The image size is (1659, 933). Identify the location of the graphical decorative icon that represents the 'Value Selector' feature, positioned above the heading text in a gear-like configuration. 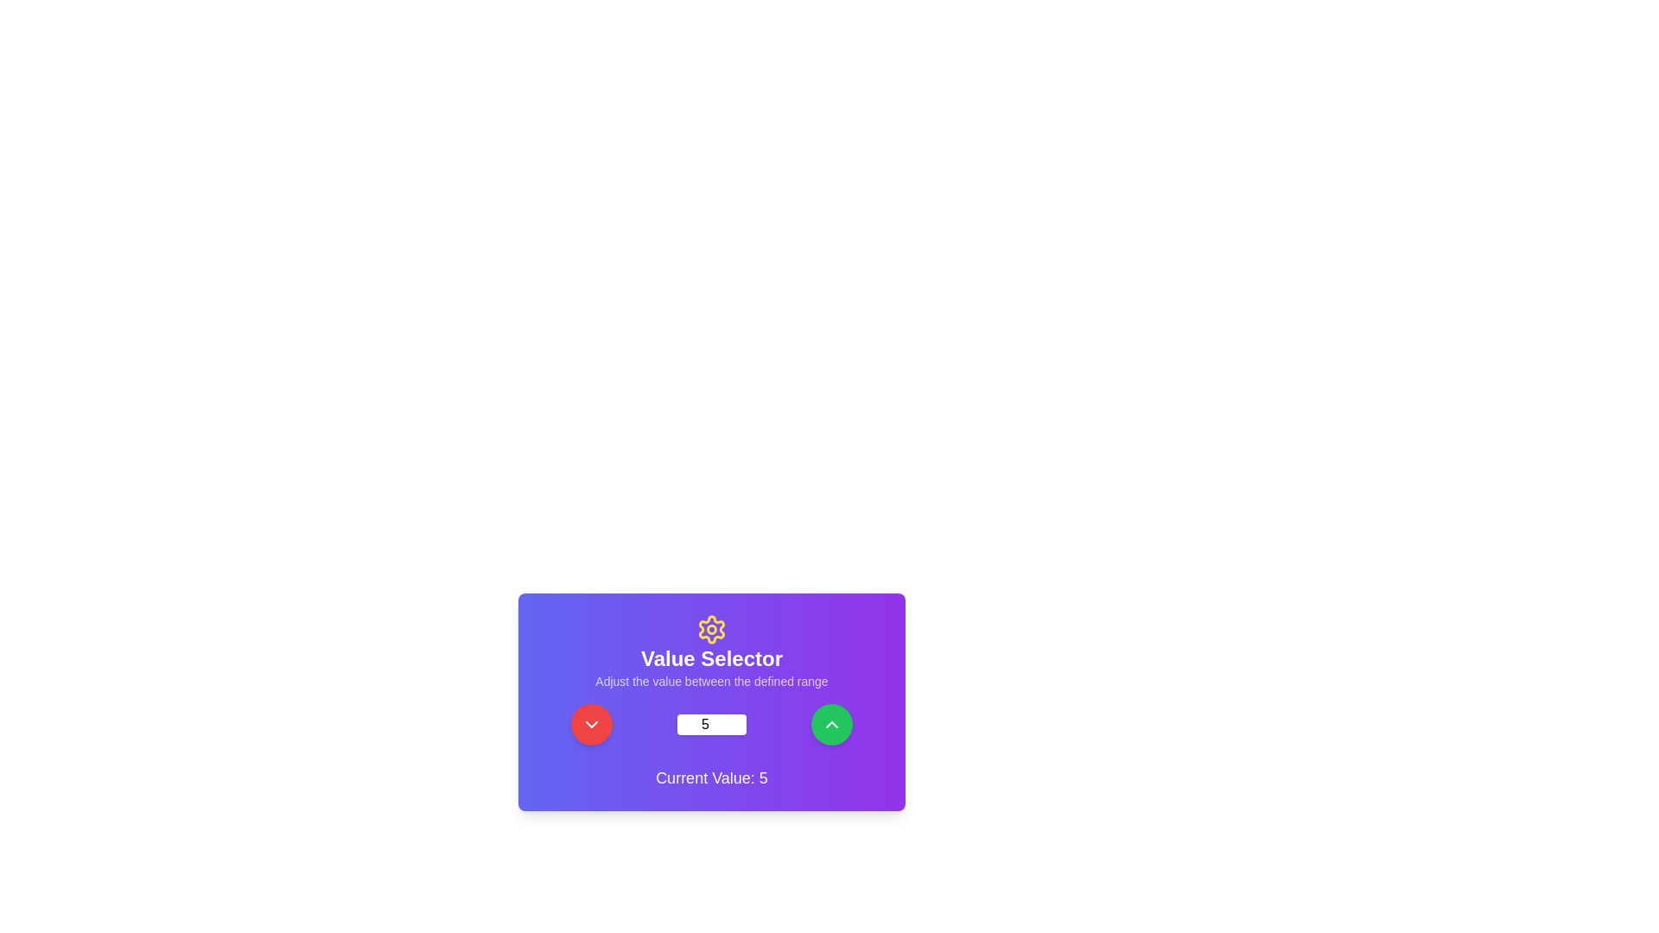
(712, 630).